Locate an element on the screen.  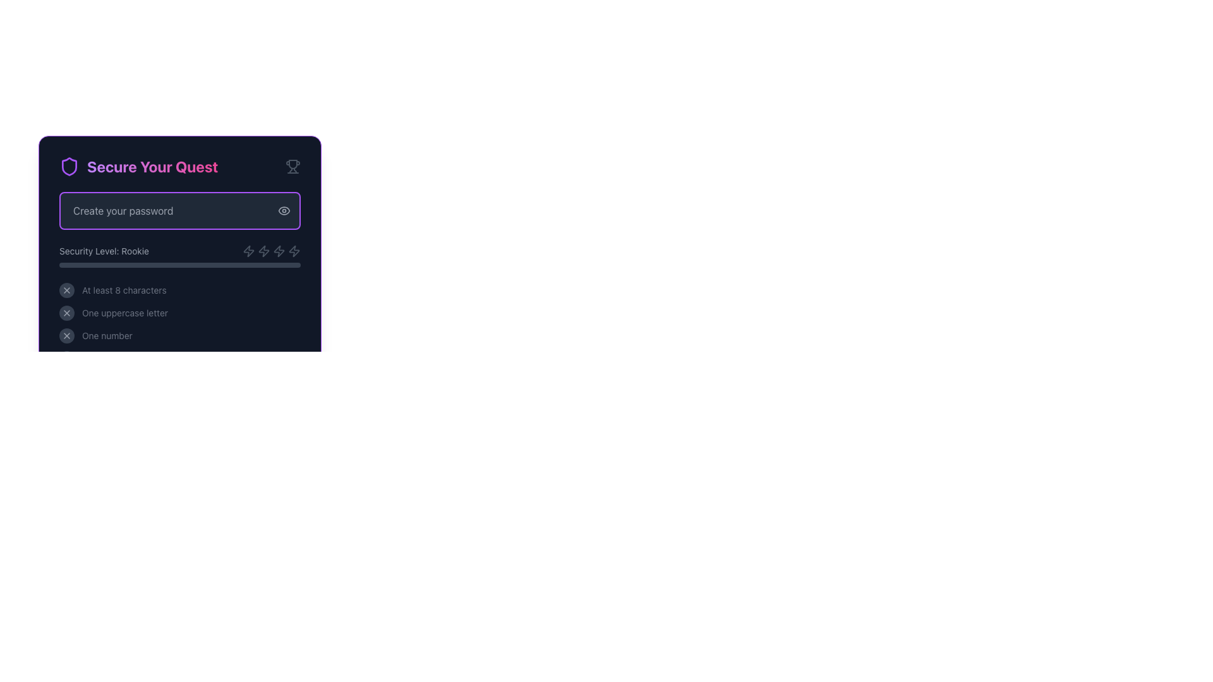
the first lightning bolt icon in the 'Security Level: Rookie' section of the password status indicator component is located at coordinates (248, 251).